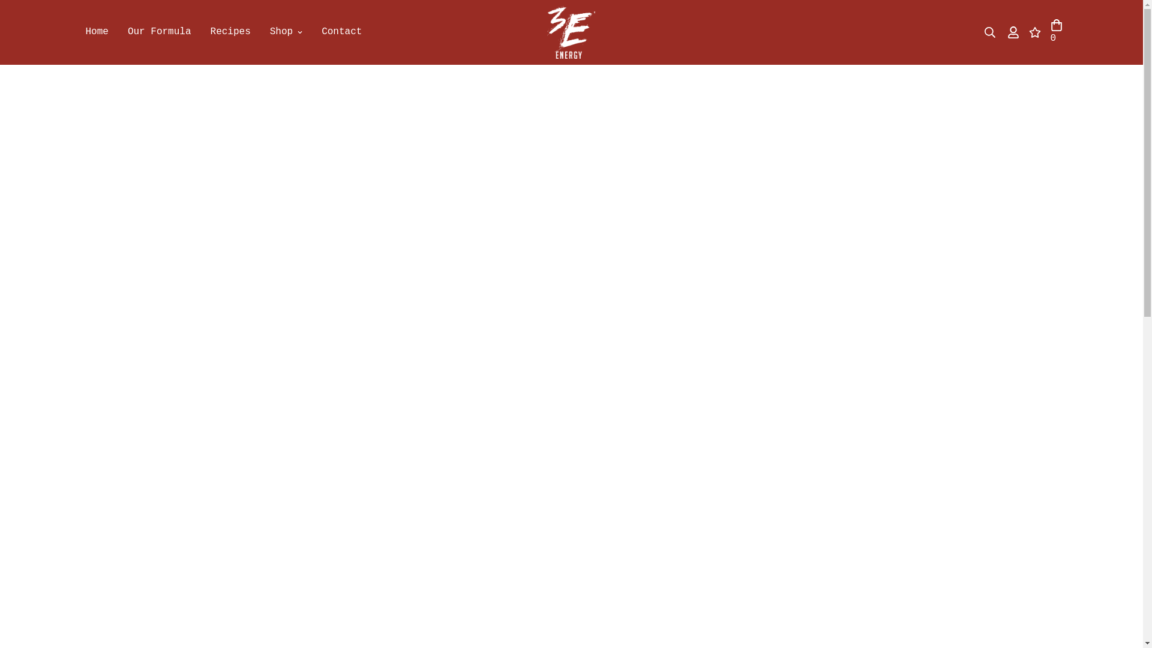  I want to click on 'Recipes', so click(230, 31).